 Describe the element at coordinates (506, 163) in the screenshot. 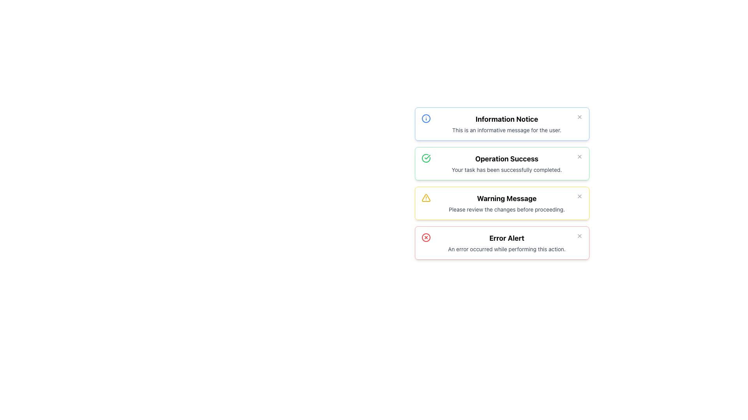

I see `the 'Operation Success' text block notification that displays a success message in bold at the top and a smaller message below, located in the second notification panel` at that location.